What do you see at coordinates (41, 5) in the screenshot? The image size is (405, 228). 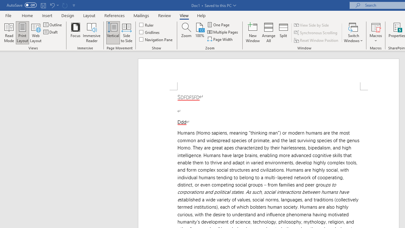 I see `'Quick Access Toolbar'` at bounding box center [41, 5].